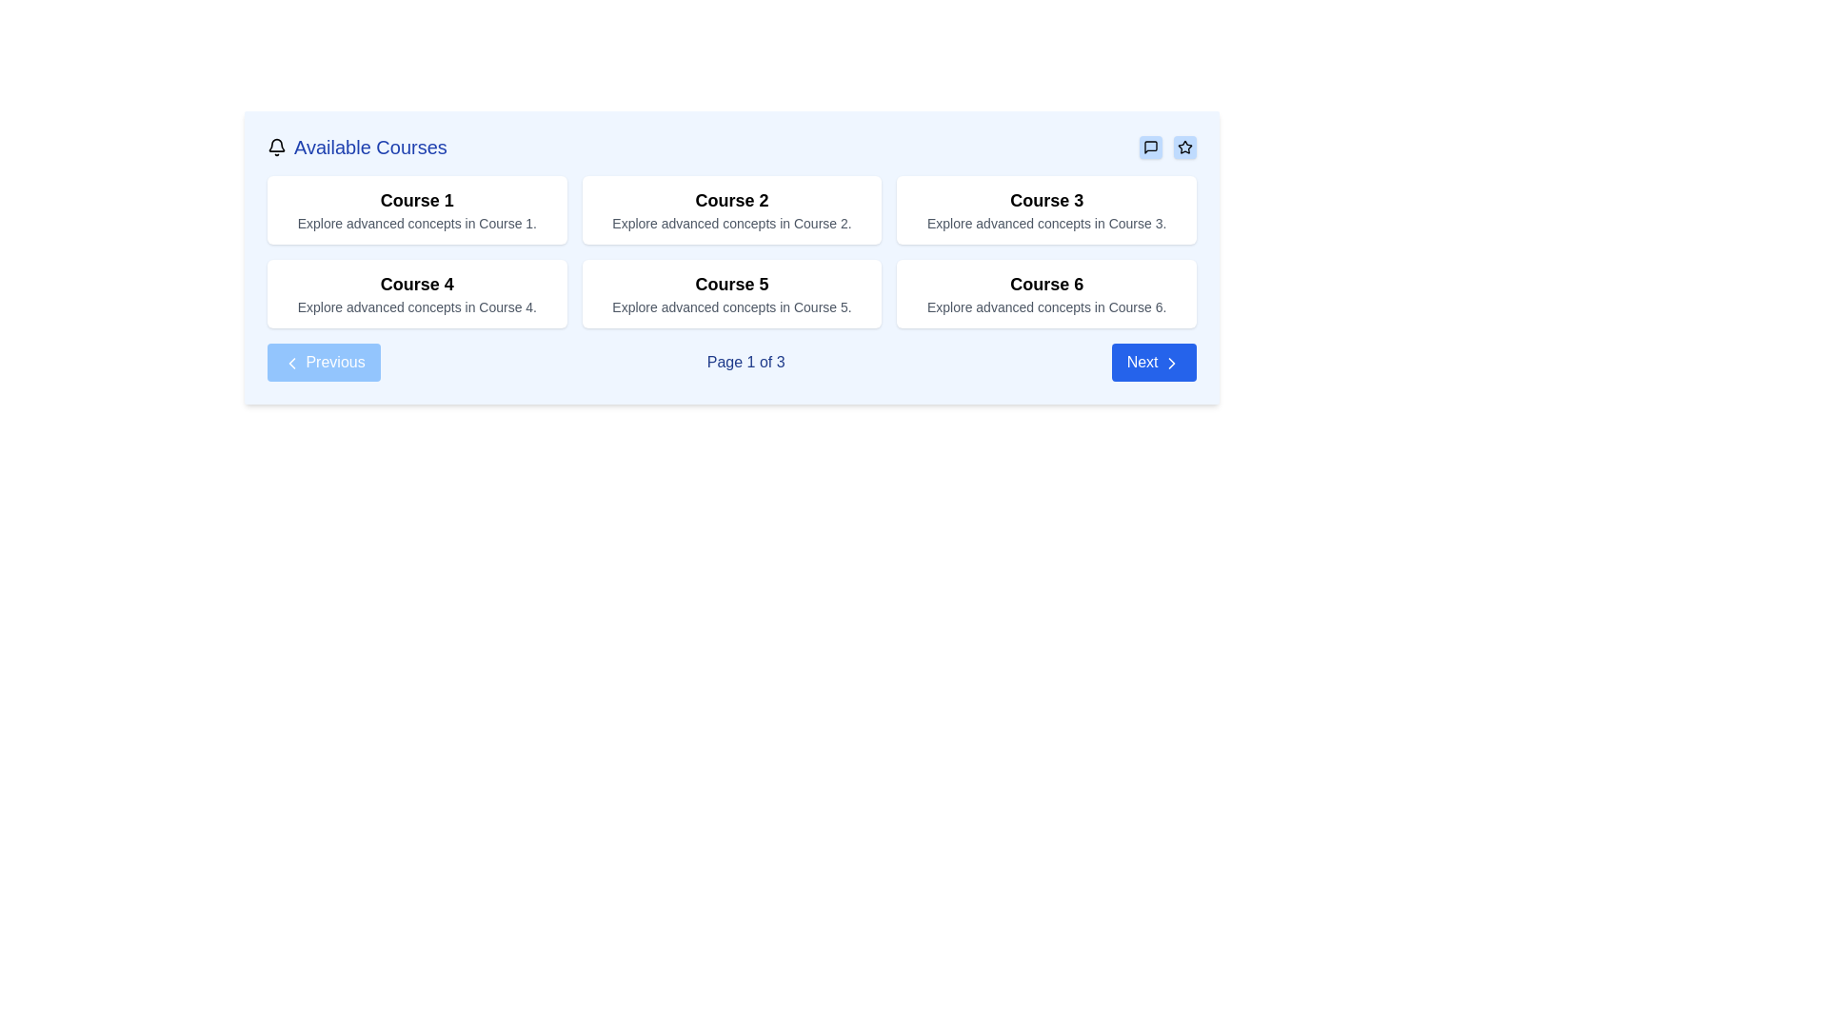  What do you see at coordinates (416, 293) in the screenshot?
I see `text from the Information card displaying 'Course 4' and its description 'Explore advanced concepts in Course 4.'` at bounding box center [416, 293].